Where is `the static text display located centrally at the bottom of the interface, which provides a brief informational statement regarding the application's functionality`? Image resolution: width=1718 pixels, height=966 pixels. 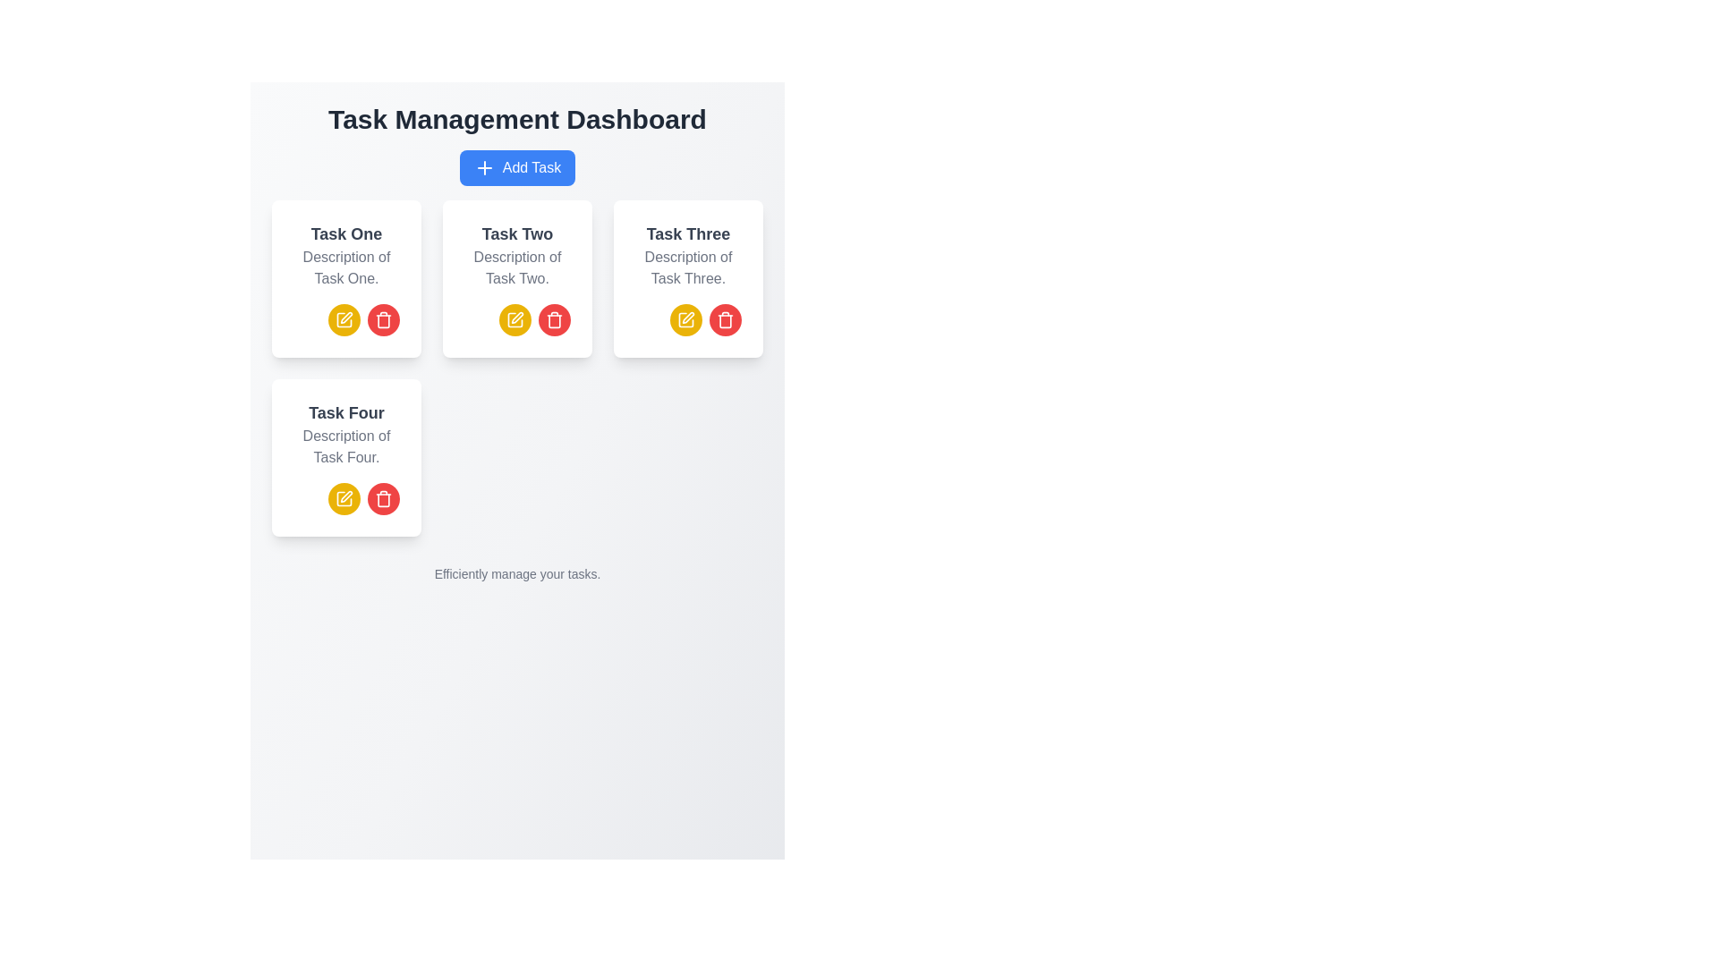 the static text display located centrally at the bottom of the interface, which provides a brief informational statement regarding the application's functionality is located at coordinates (516, 573).